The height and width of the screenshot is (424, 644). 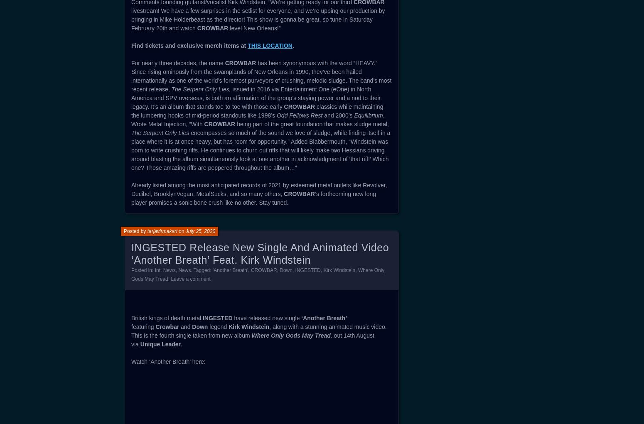 I want to click on 'News', so click(x=184, y=270).